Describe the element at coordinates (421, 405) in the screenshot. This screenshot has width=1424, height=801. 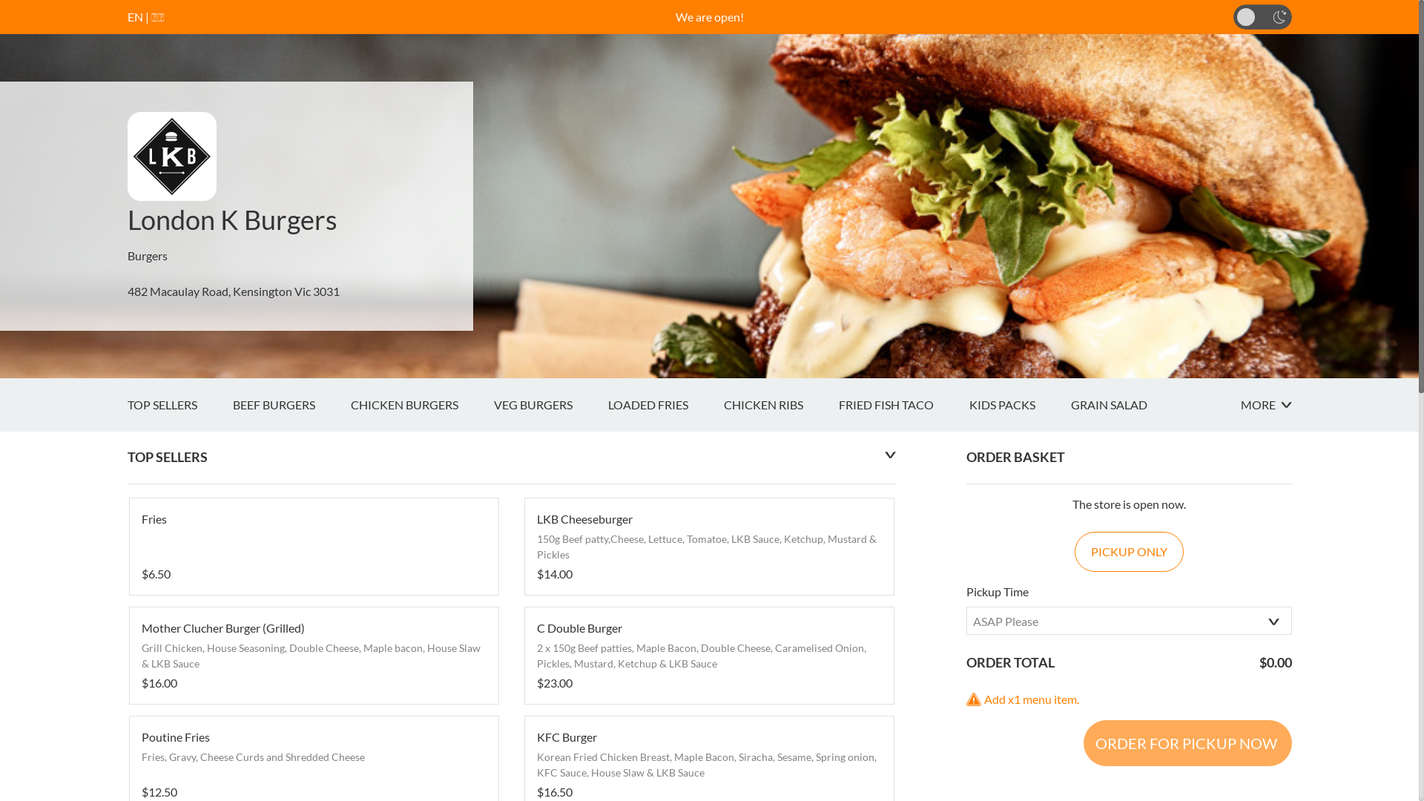
I see `'CHICKEN BURGERS'` at that location.